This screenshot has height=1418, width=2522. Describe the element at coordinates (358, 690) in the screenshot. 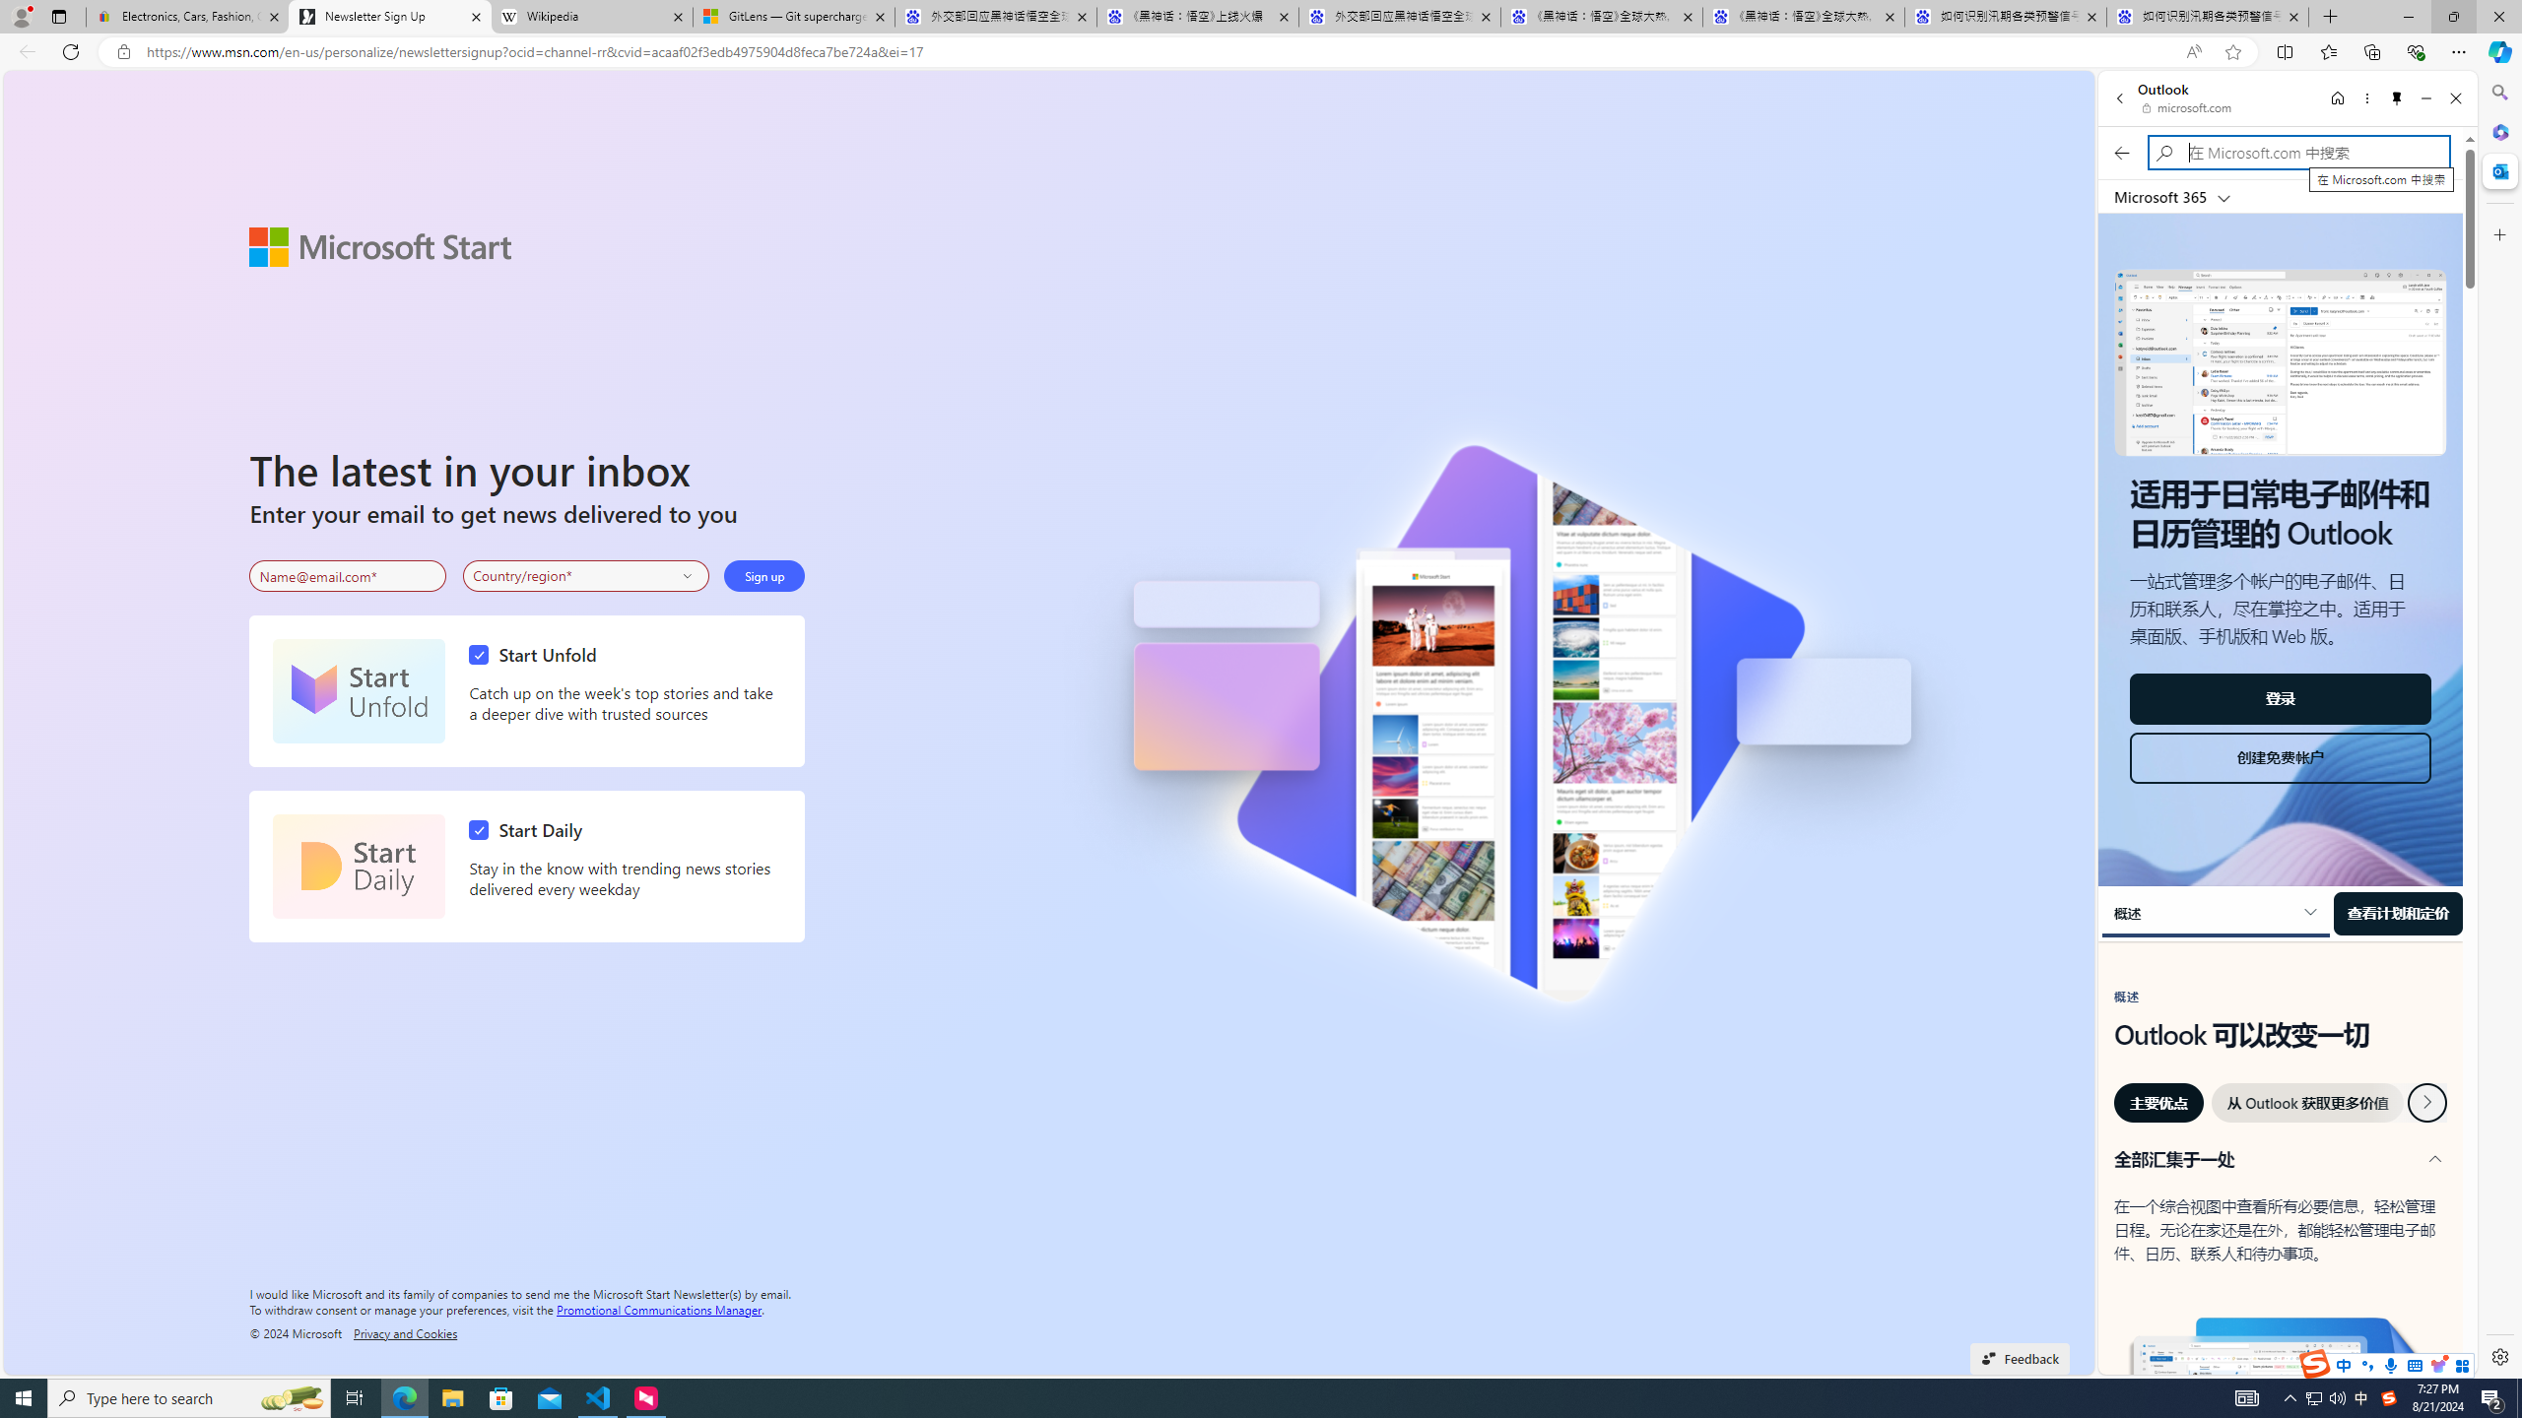

I see `'Start Unfold'` at that location.